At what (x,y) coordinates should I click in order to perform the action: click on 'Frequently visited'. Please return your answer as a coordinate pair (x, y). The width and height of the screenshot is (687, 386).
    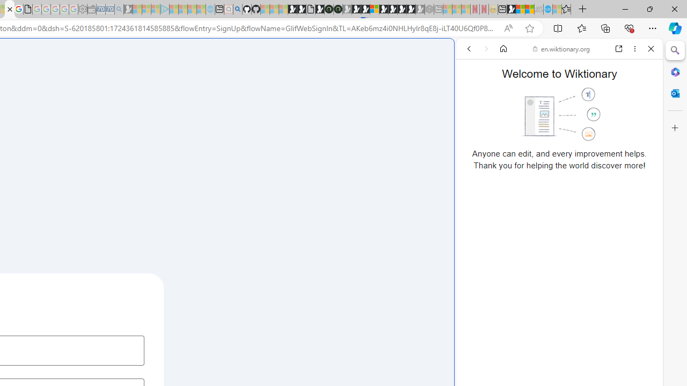
    Looking at the image, I should click on (224, 142).